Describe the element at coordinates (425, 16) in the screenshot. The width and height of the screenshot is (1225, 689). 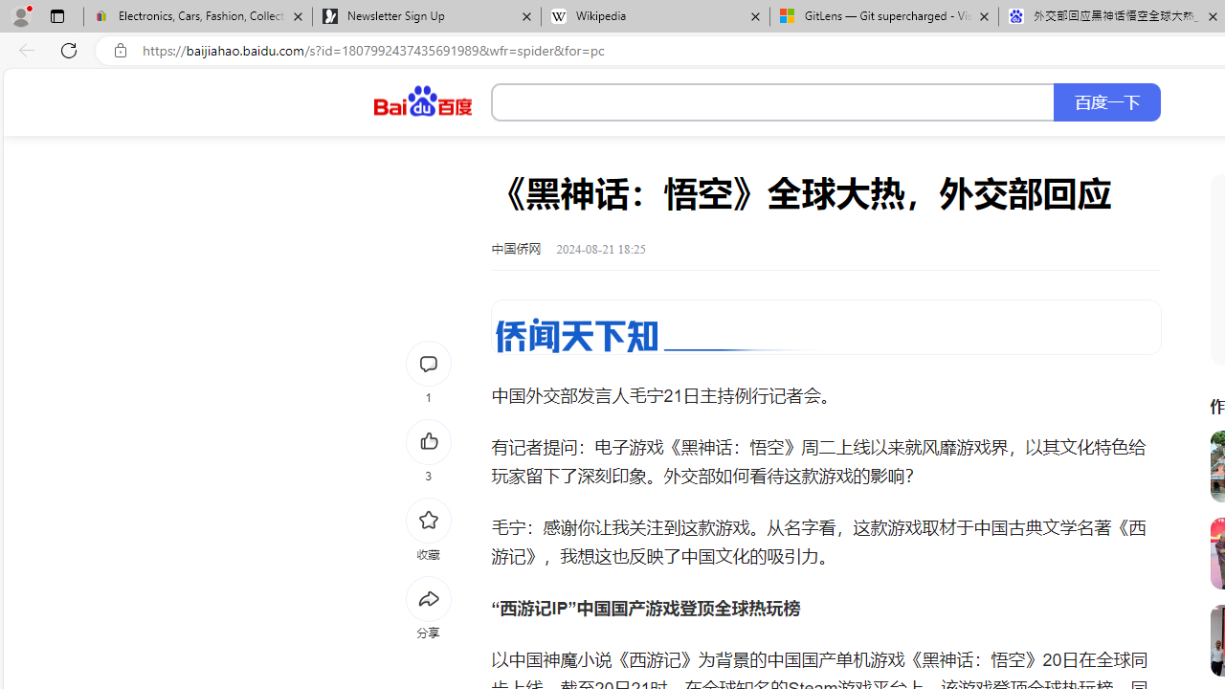
I see `'Newsletter Sign Up'` at that location.